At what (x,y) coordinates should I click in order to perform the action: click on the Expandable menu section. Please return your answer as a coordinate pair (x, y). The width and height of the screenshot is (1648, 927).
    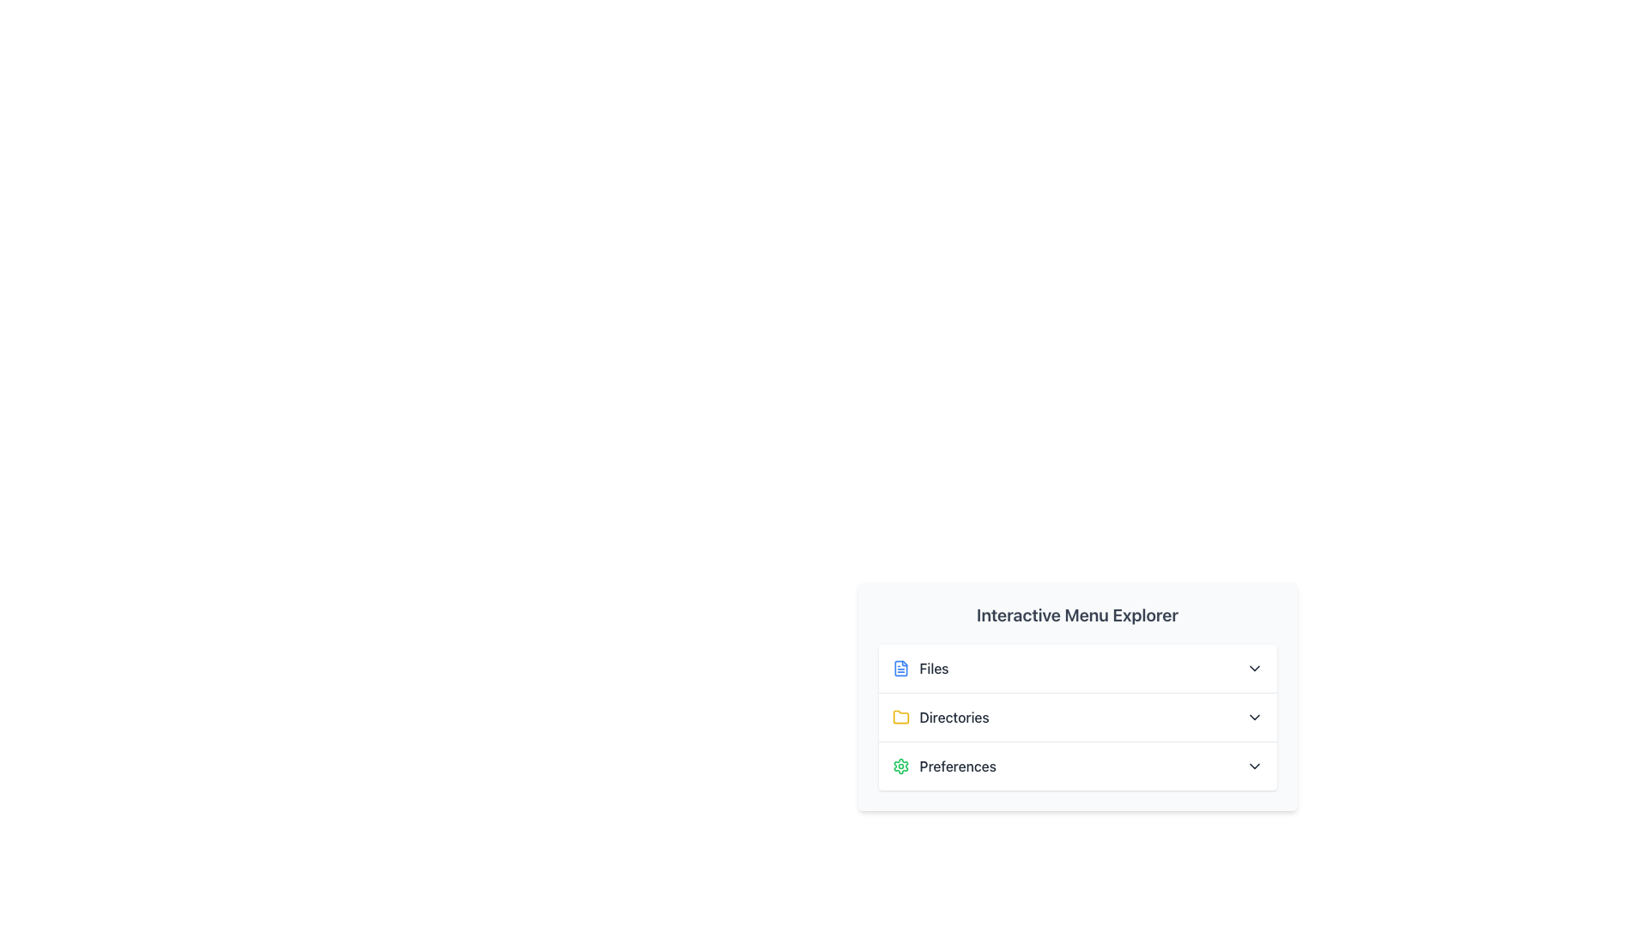
    Looking at the image, I should click on (1076, 697).